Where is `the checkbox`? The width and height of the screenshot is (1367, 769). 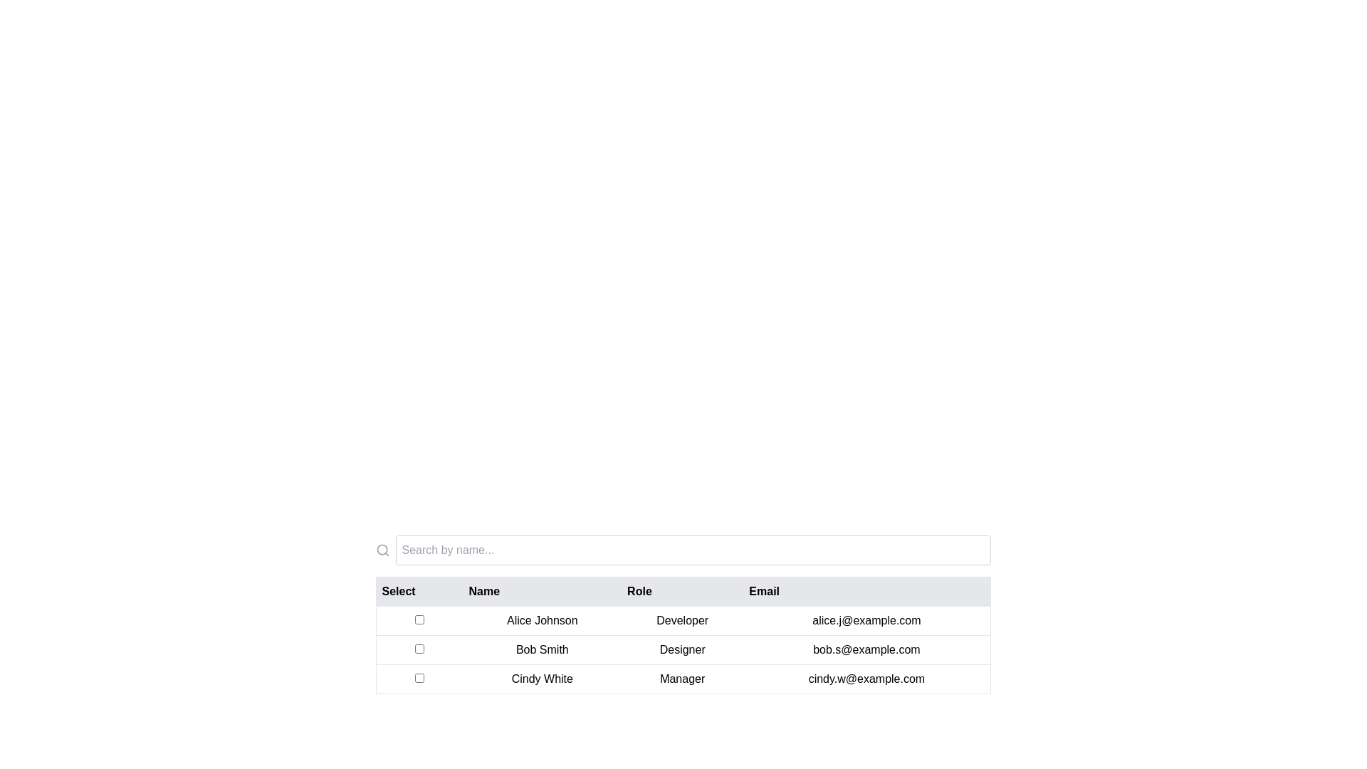 the checkbox is located at coordinates (419, 619).